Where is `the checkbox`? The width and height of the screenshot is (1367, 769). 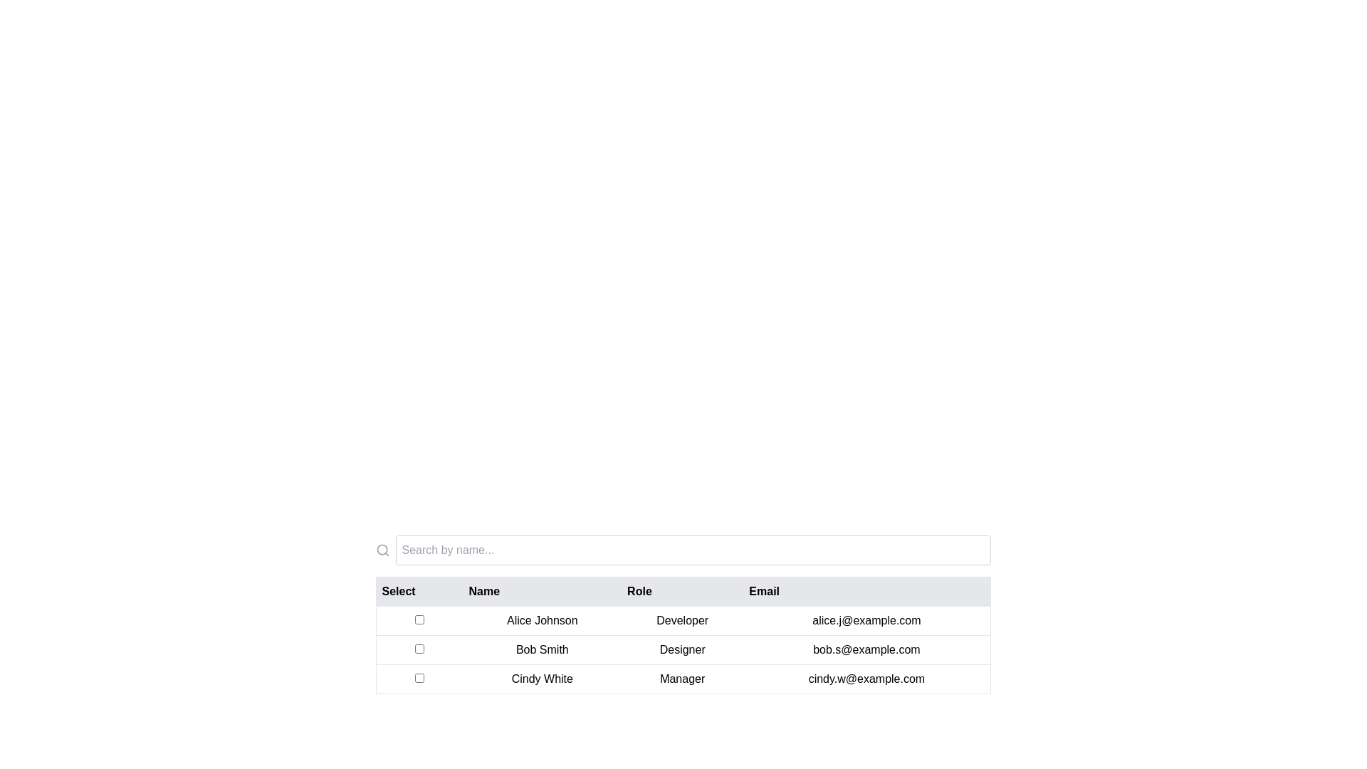 the checkbox is located at coordinates (419, 619).